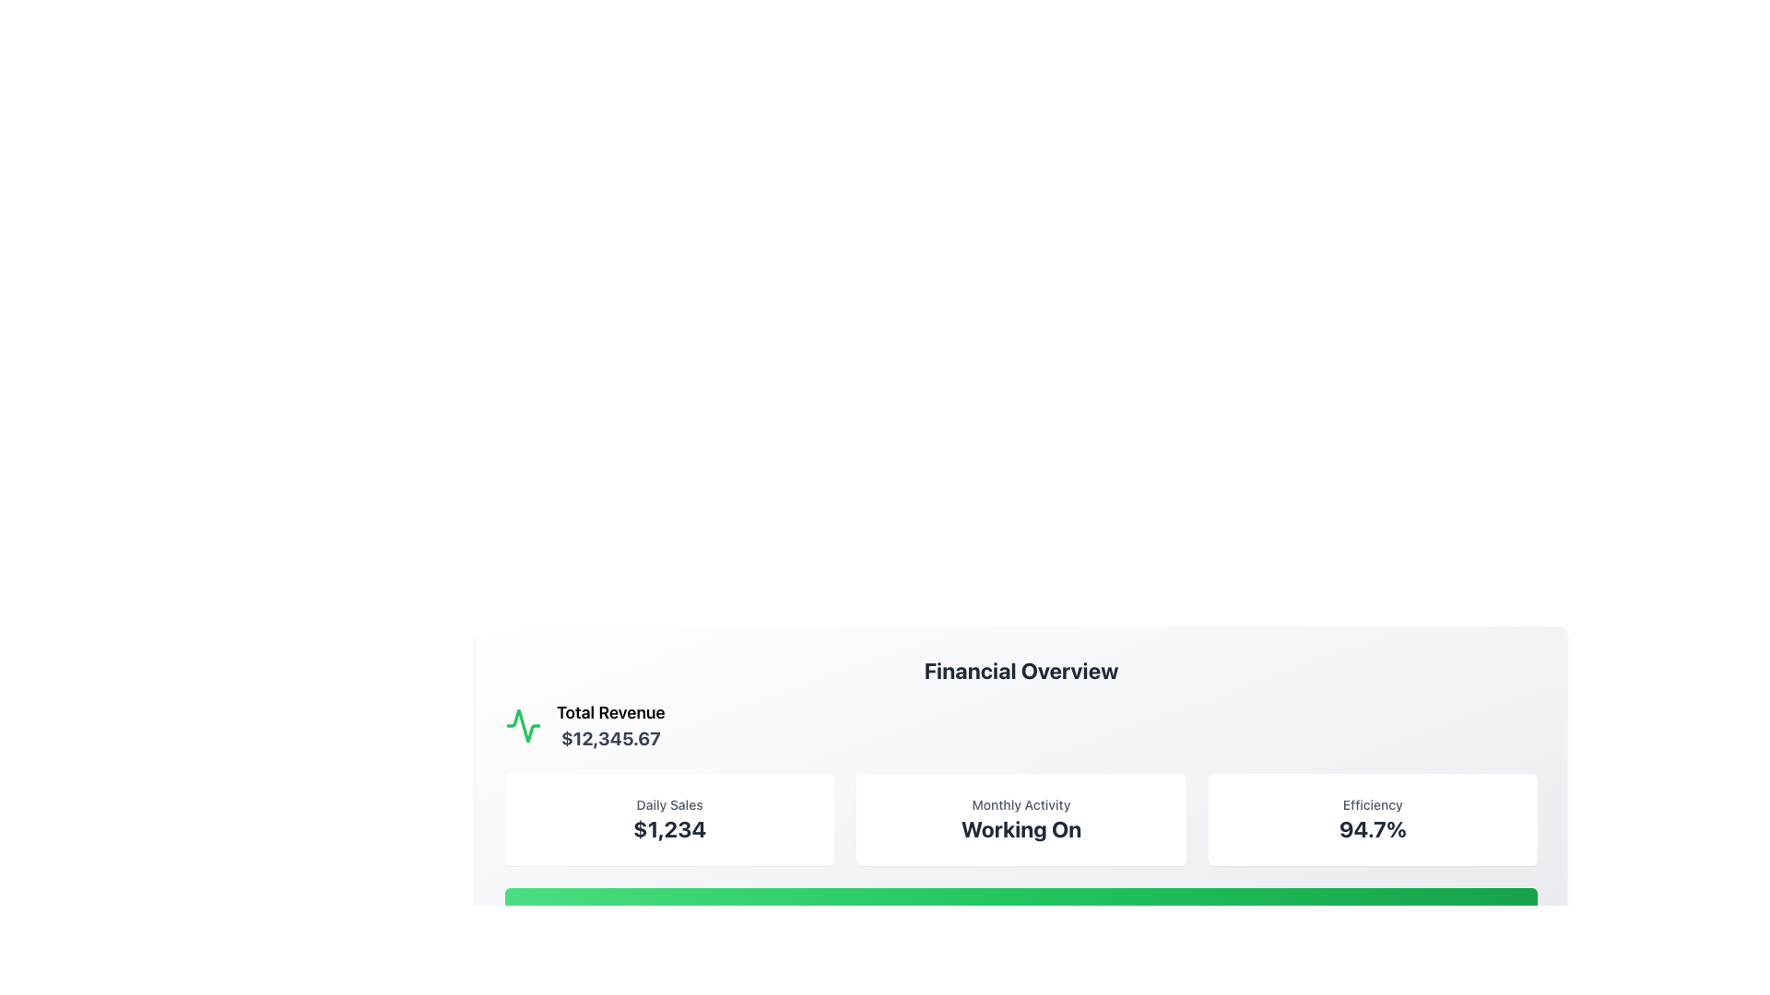  What do you see at coordinates (1021, 819) in the screenshot?
I see `the Informational card displaying 'Monthly Activity' with the status 'Working On', which is centrally positioned in a row of three similar containers` at bounding box center [1021, 819].